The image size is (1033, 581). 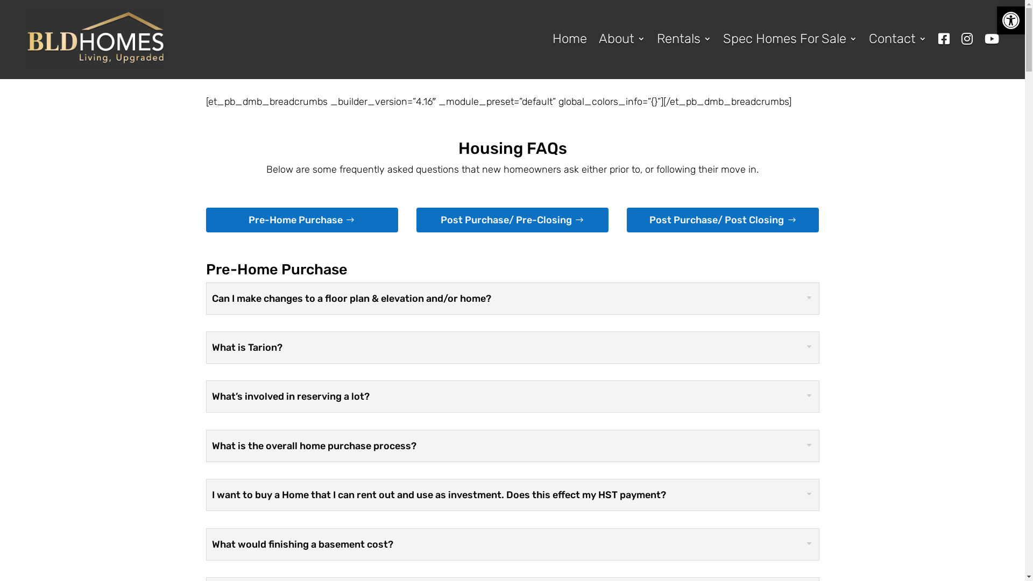 What do you see at coordinates (897, 38) in the screenshot?
I see `'Contact'` at bounding box center [897, 38].